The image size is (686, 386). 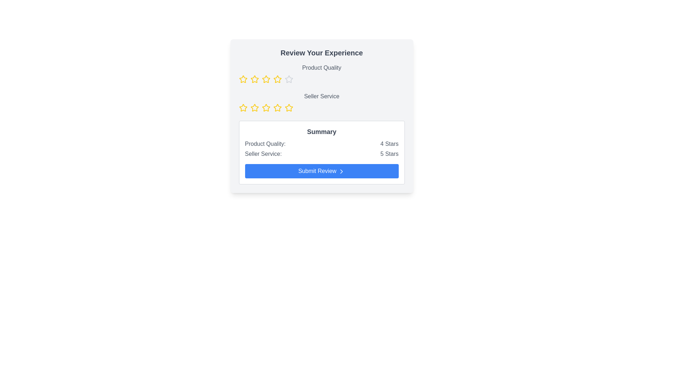 What do you see at coordinates (321, 73) in the screenshot?
I see `the 'Product Quality' text label located above the star rating row in the 'Review Your Experience' card` at bounding box center [321, 73].